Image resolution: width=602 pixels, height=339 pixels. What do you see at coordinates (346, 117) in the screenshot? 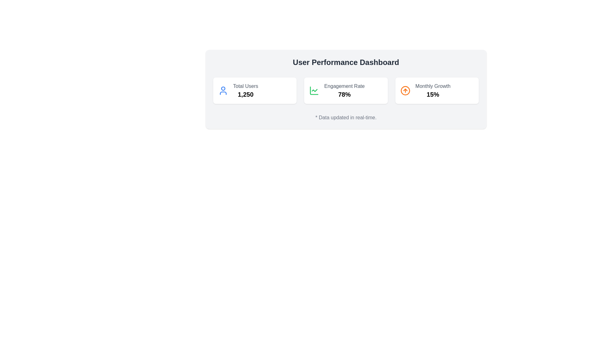
I see `the text label that reads '* Data updated in real-time.' located at the bottom of the User Performance Dashboard` at bounding box center [346, 117].